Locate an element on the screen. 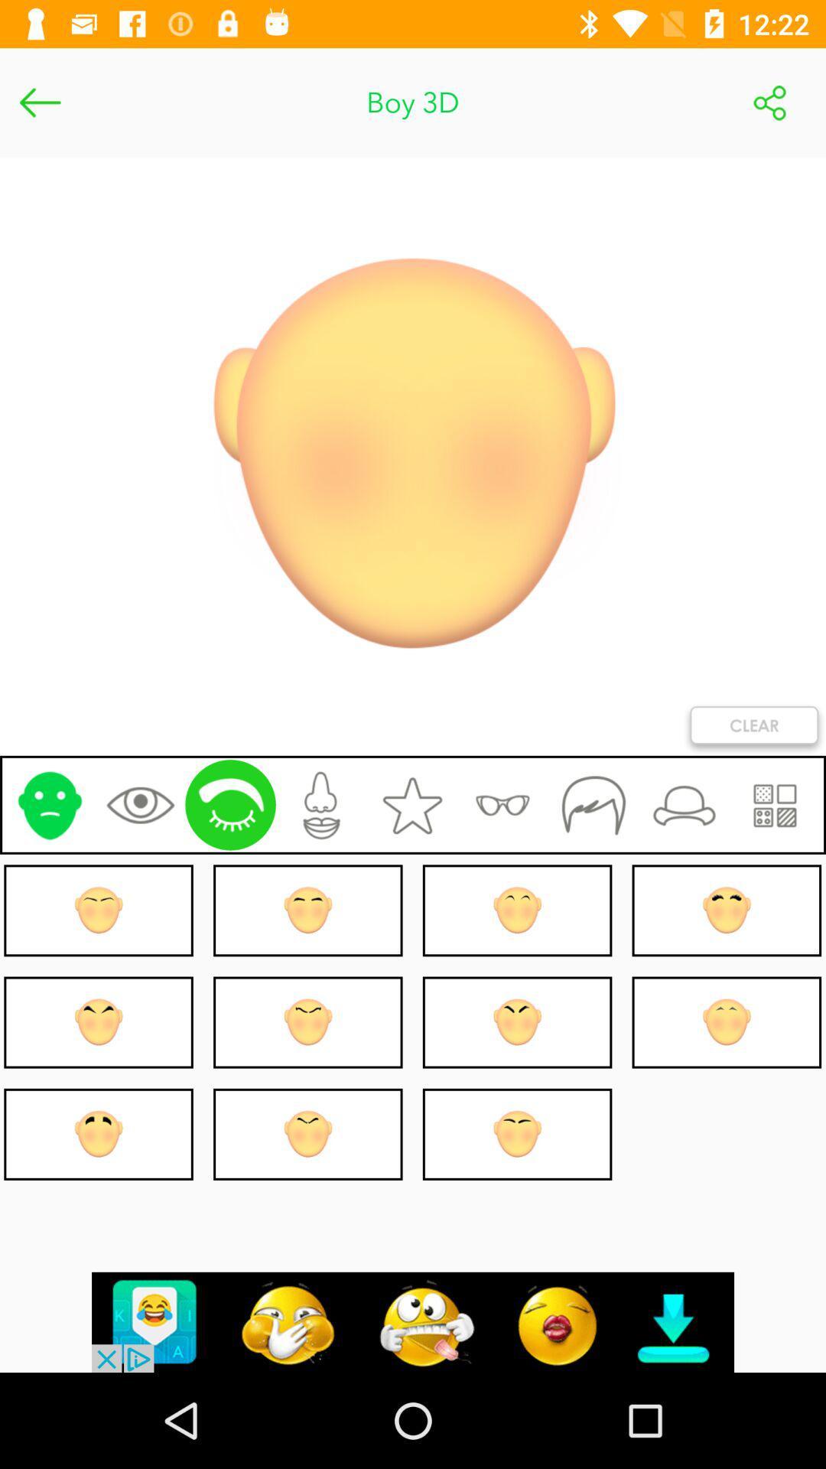  share image is located at coordinates (769, 102).